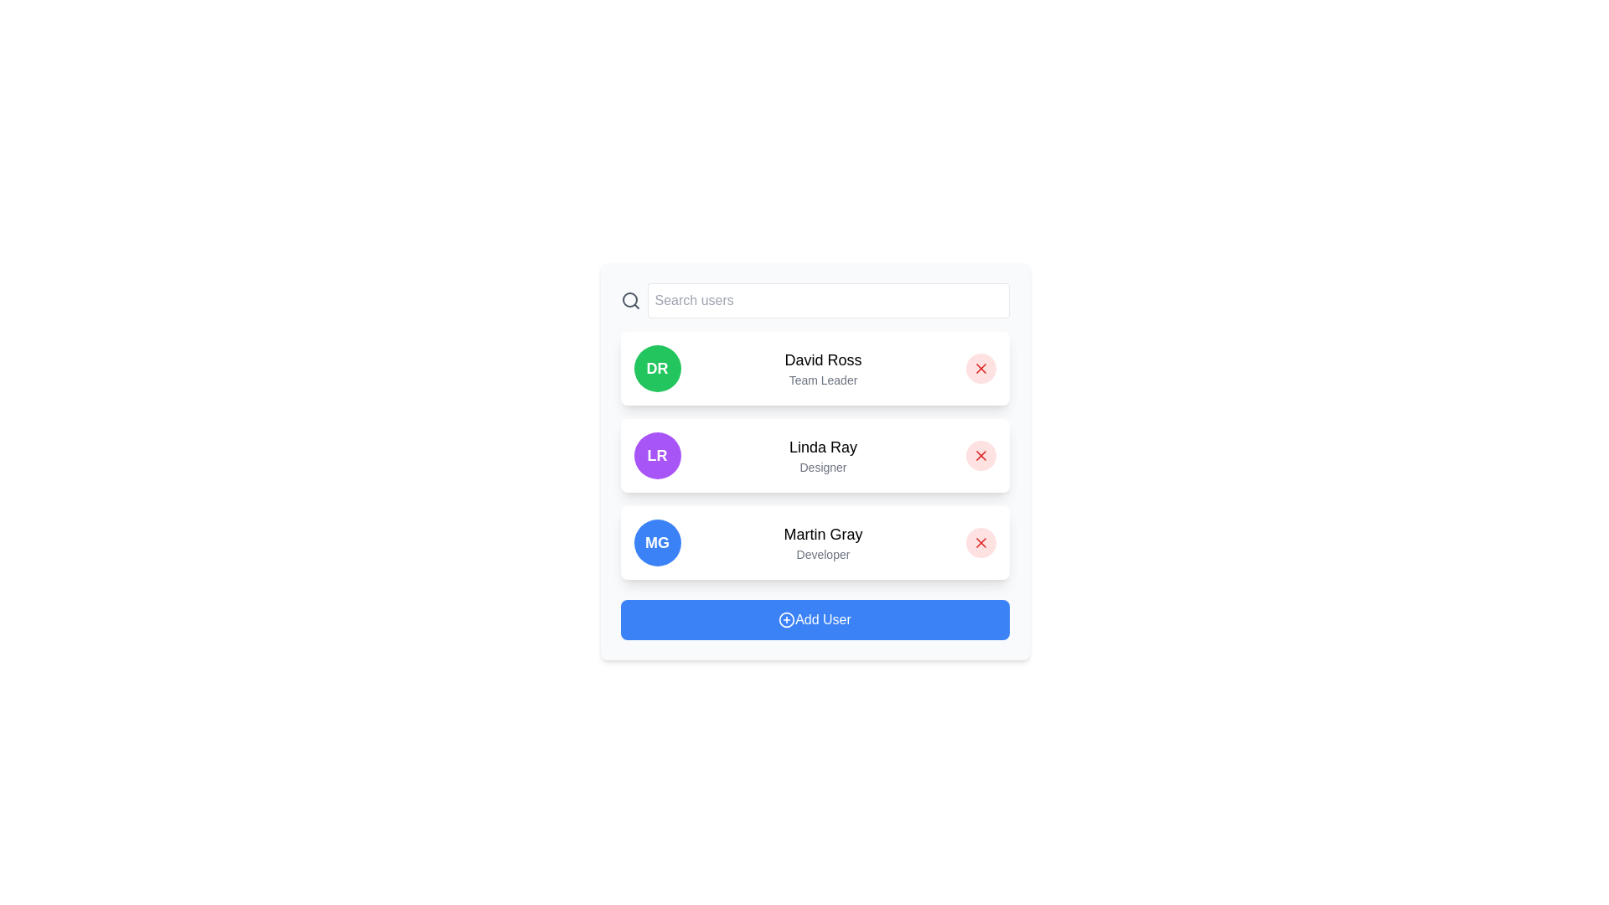  I want to click on the descriptive text label for the role of 'Martin Gray' located below the name within the third user card in the vertical user list, so click(823, 555).